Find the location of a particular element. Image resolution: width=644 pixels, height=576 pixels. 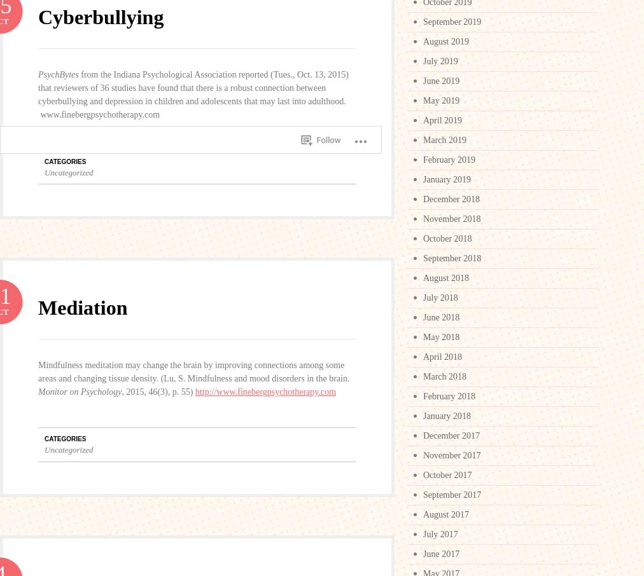

'September 2018' is located at coordinates (452, 257).